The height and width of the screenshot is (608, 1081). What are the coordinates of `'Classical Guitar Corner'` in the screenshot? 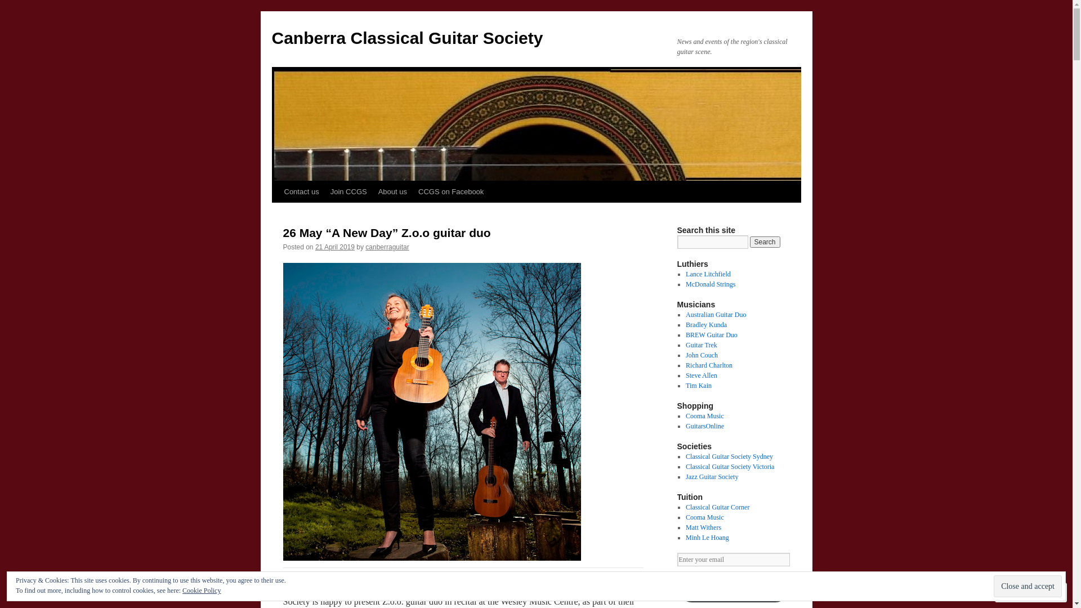 It's located at (717, 507).